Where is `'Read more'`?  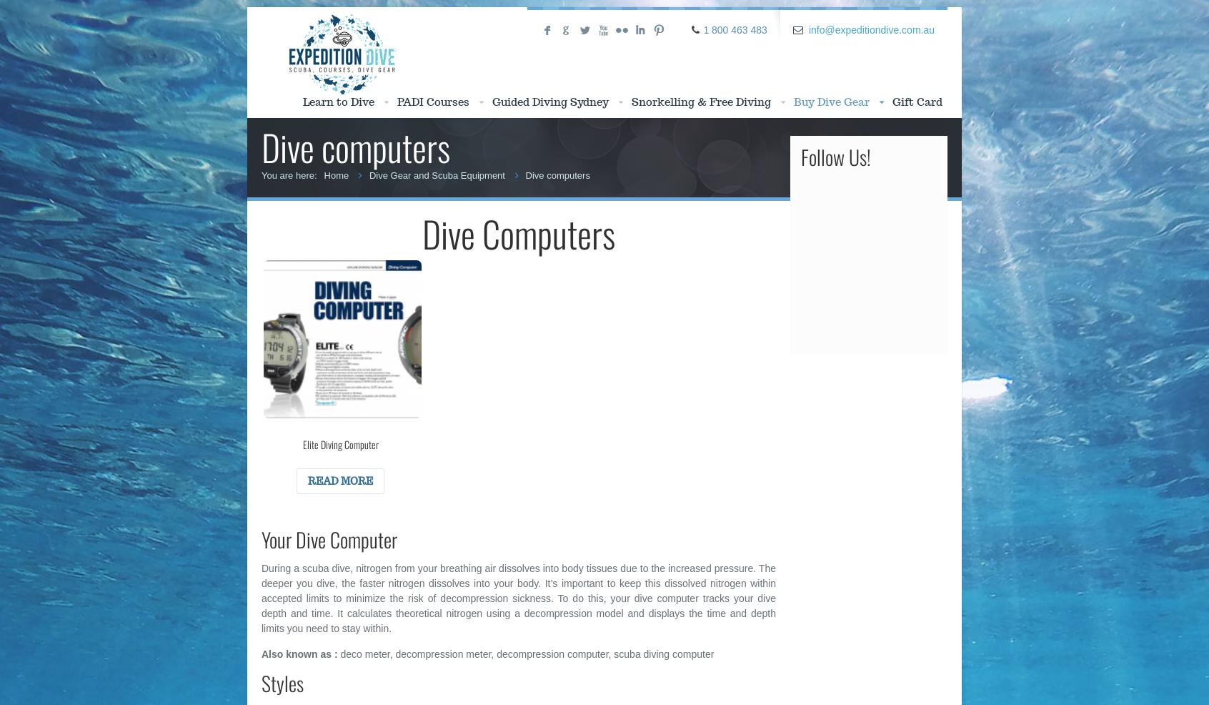
'Read more' is located at coordinates (339, 480).